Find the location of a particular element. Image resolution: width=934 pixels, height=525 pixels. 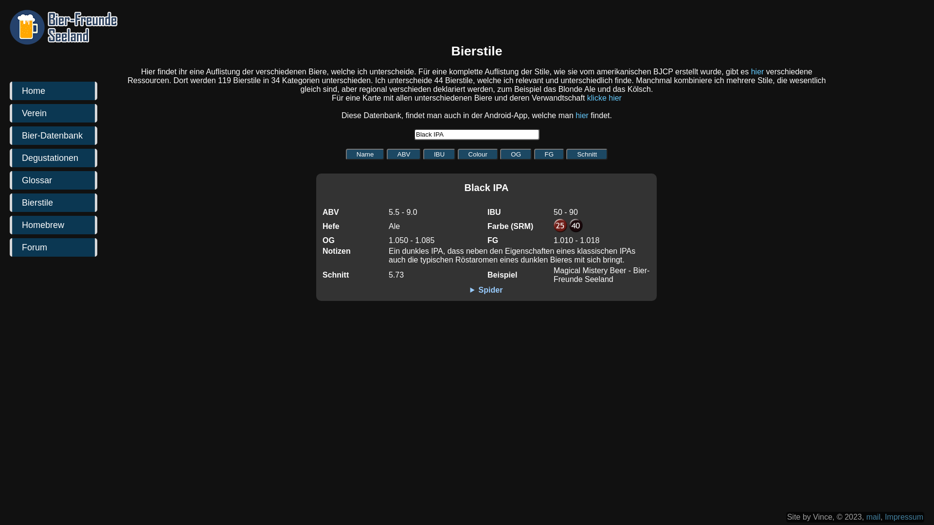

'Verein' is located at coordinates (53, 112).